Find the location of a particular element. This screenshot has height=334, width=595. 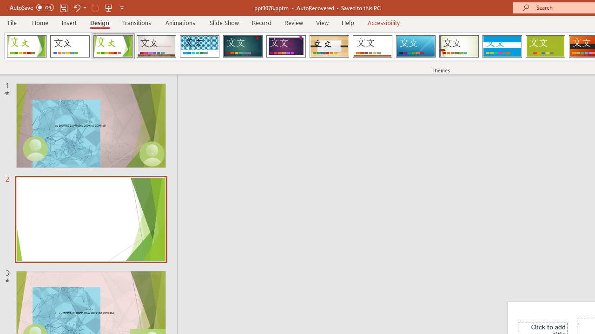

'Basis' is located at coordinates (545, 46).